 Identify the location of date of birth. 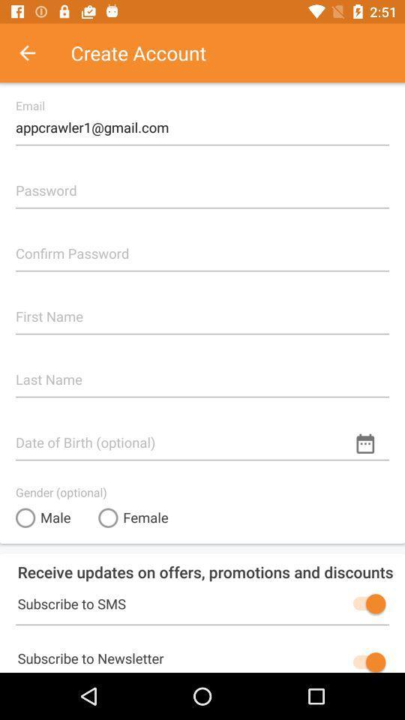
(202, 436).